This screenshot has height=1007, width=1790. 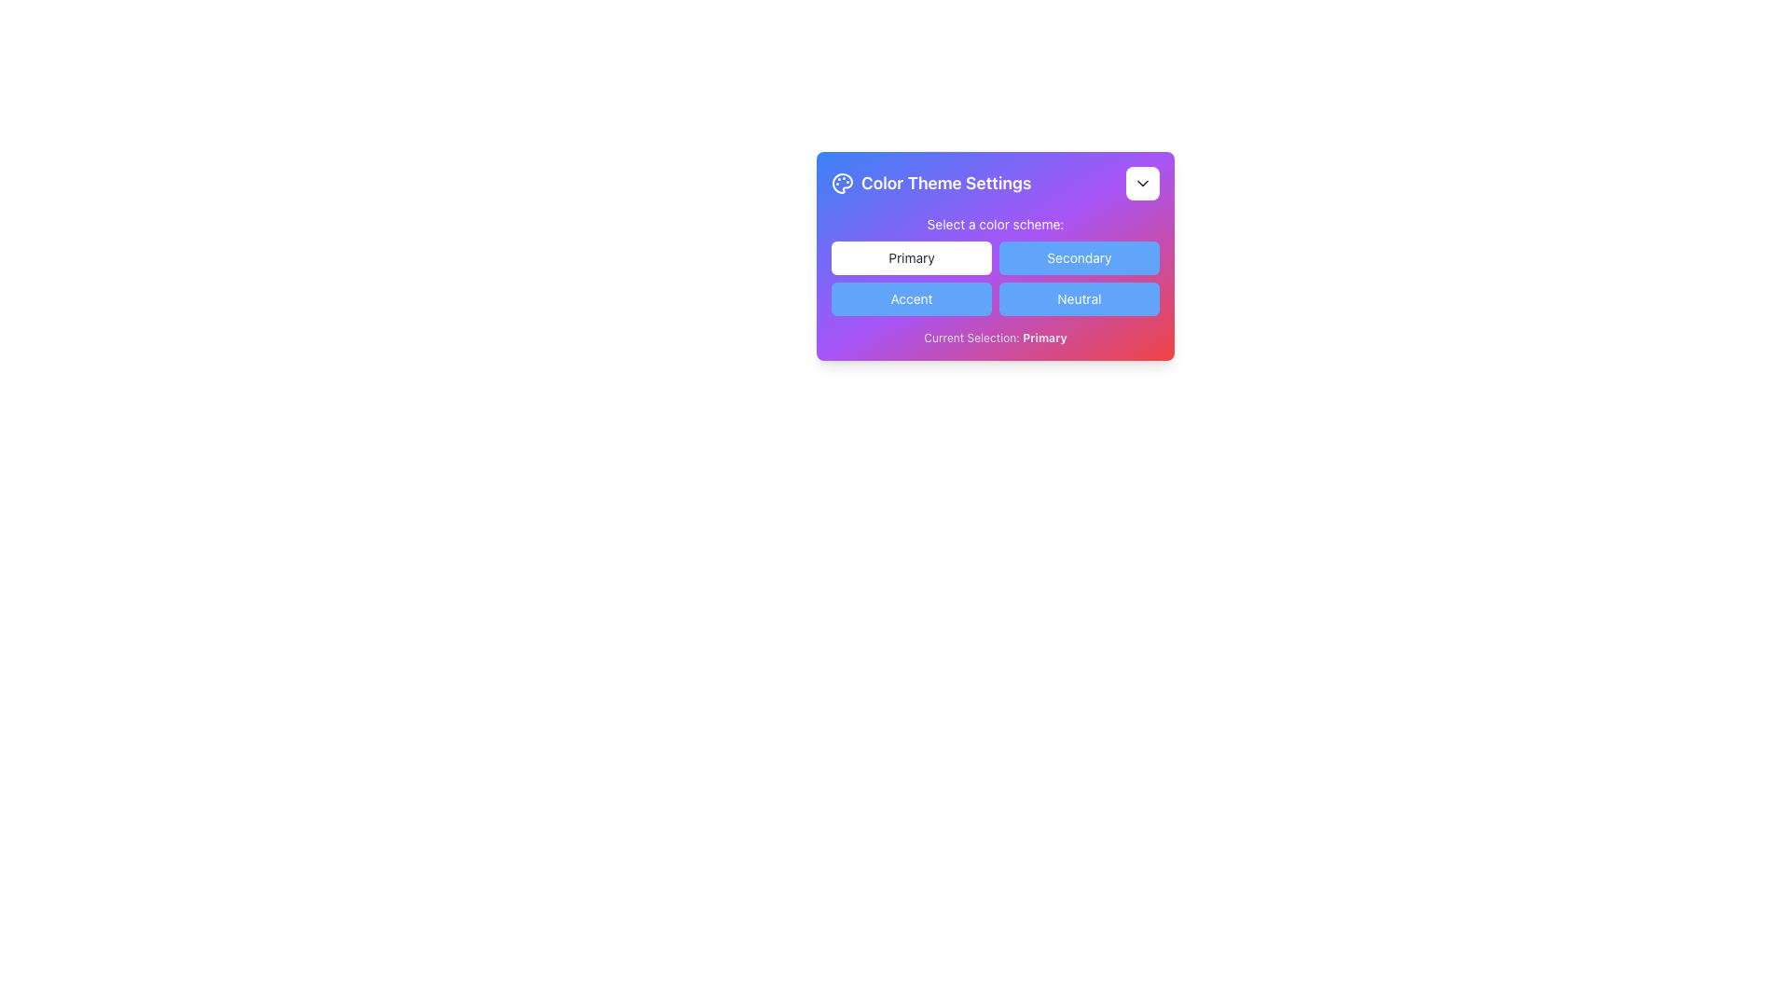 What do you see at coordinates (931, 183) in the screenshot?
I see `the Static Text with Icon element that serves as the title for the color theme settings section, located at the top-left of the header region` at bounding box center [931, 183].